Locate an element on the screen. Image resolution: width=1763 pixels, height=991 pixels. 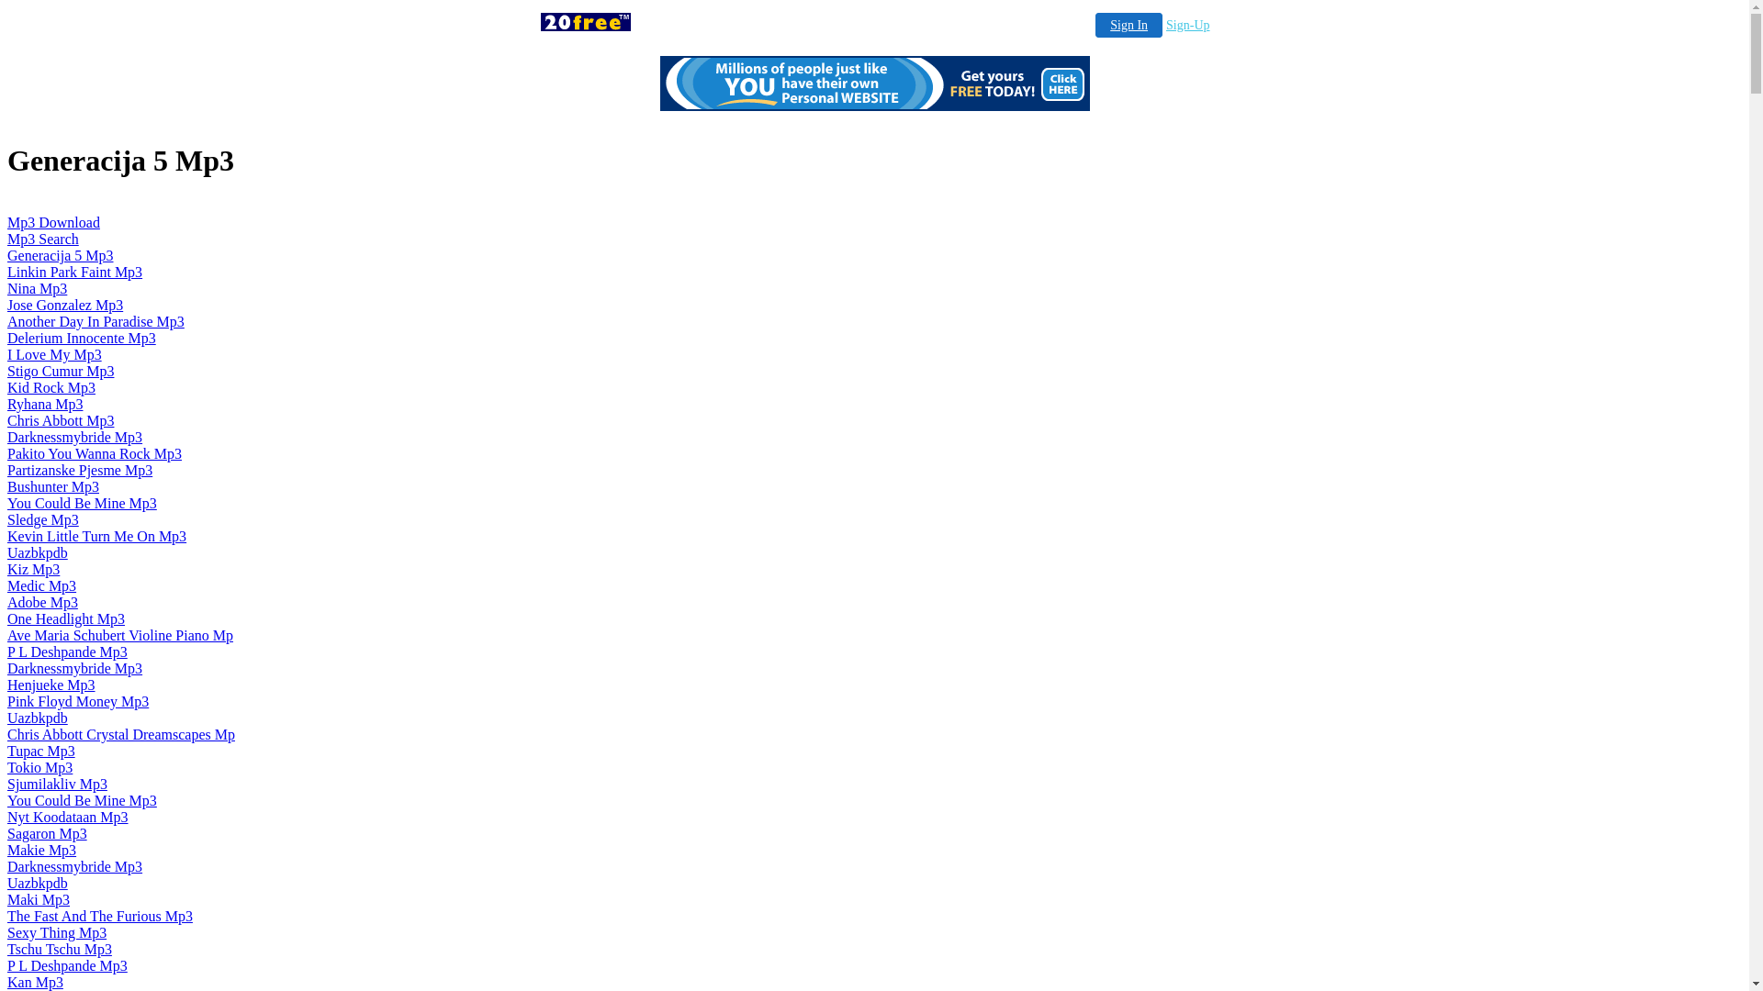
'Sign-Up' is located at coordinates (1187, 25).